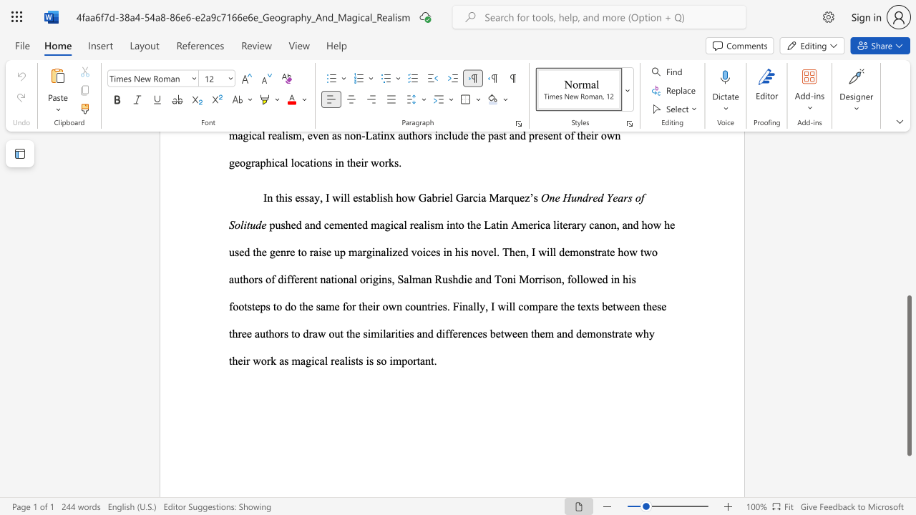  What do you see at coordinates (908, 375) in the screenshot?
I see `the scrollbar and move down 50 pixels` at bounding box center [908, 375].